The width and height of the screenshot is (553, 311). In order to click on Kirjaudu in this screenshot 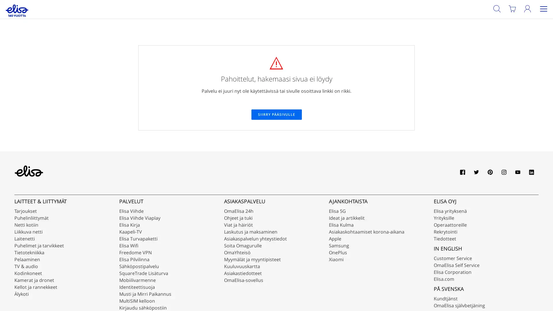, I will do `click(533, 20)`.